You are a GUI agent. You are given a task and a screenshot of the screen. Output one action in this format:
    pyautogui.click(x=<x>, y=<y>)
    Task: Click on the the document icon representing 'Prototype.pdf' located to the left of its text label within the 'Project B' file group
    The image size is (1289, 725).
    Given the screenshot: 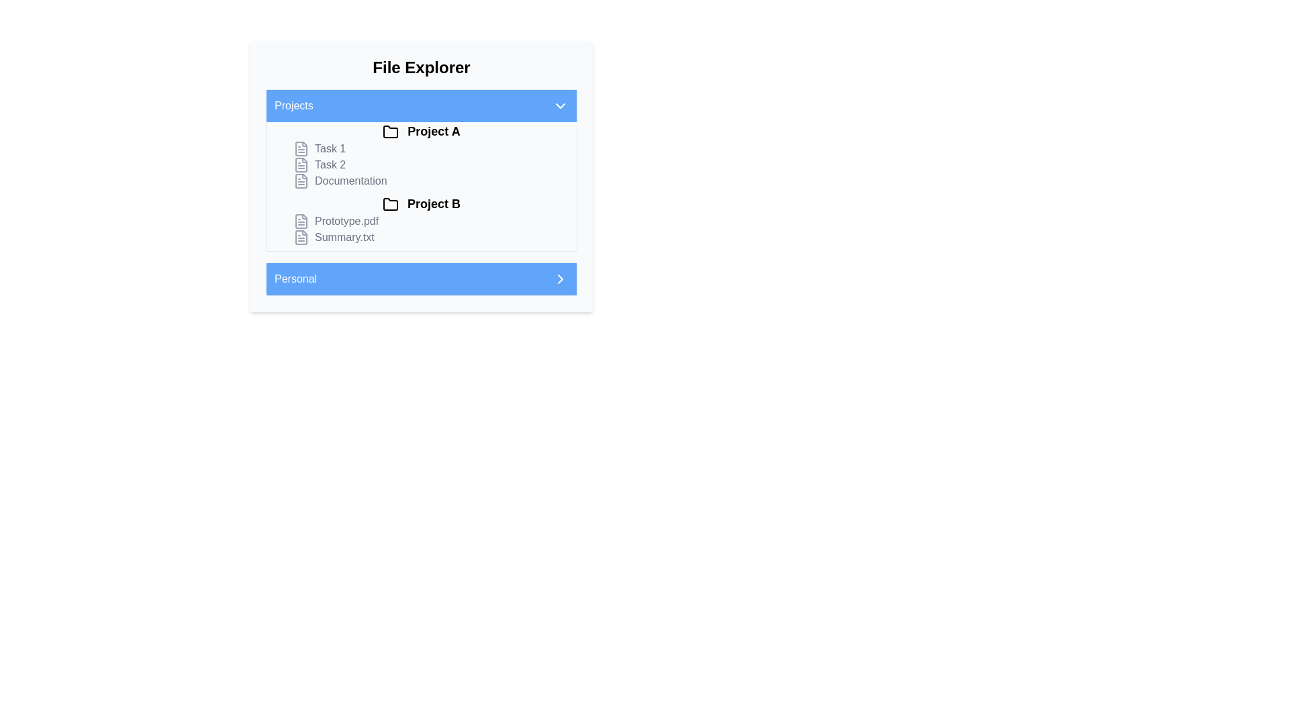 What is the action you would take?
    pyautogui.click(x=301, y=221)
    